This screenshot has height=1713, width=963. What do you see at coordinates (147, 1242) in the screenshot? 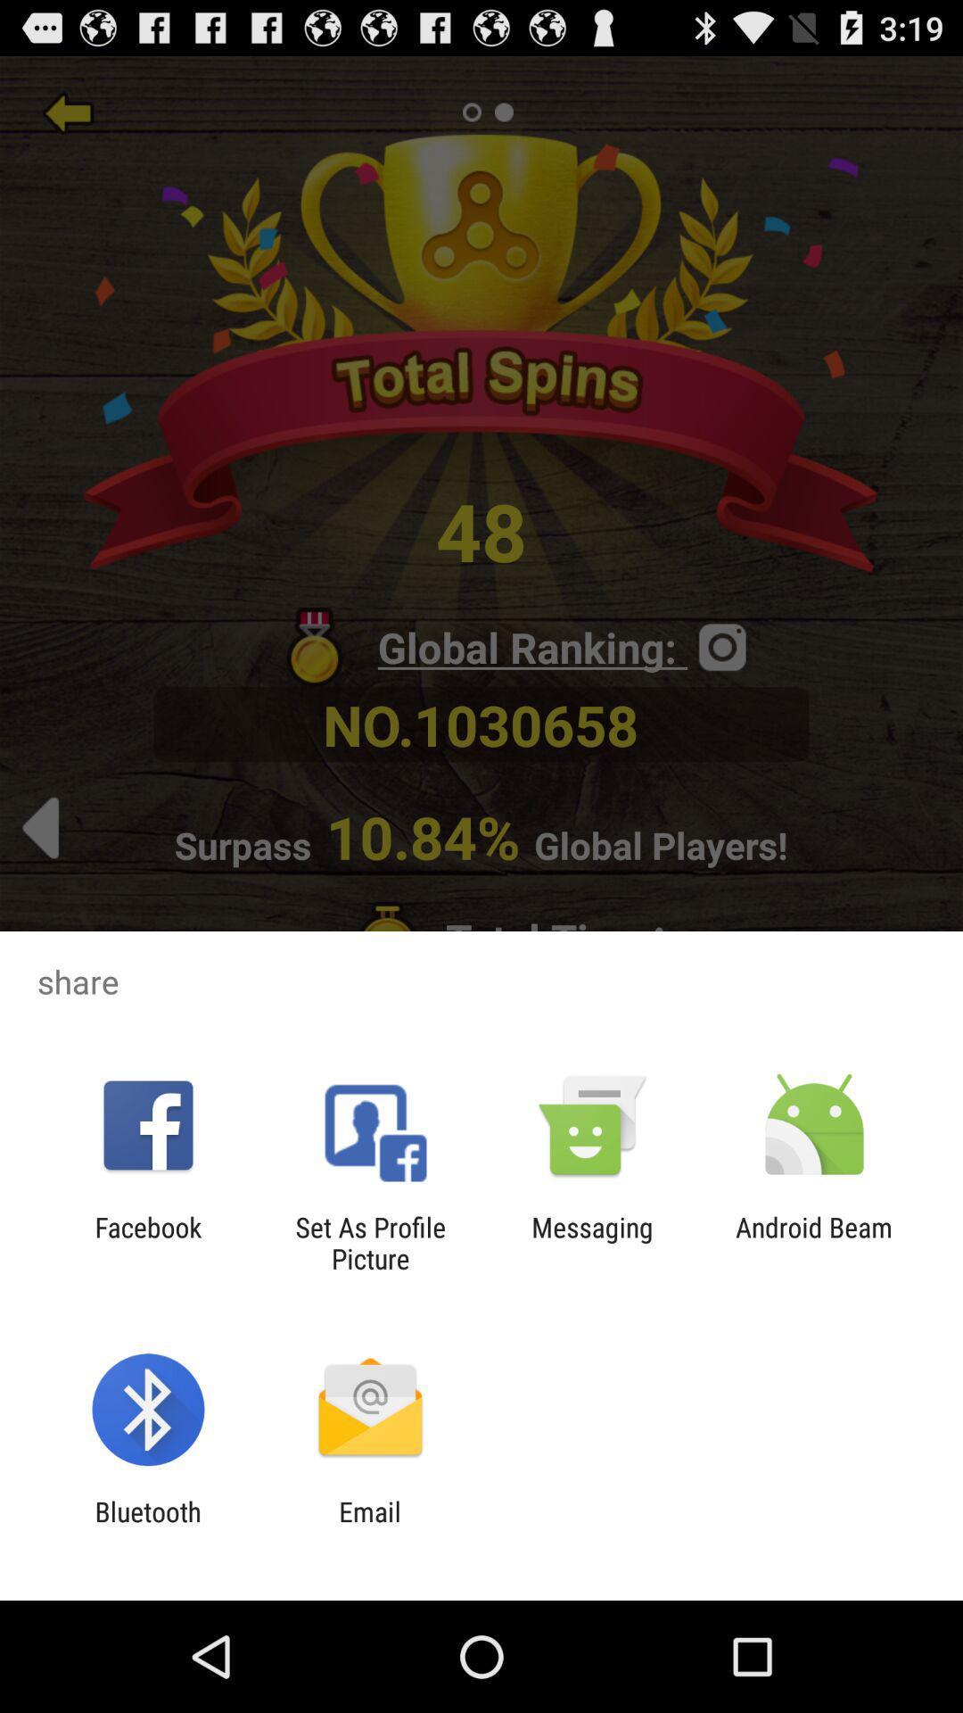
I see `the app next to set as profile icon` at bounding box center [147, 1242].